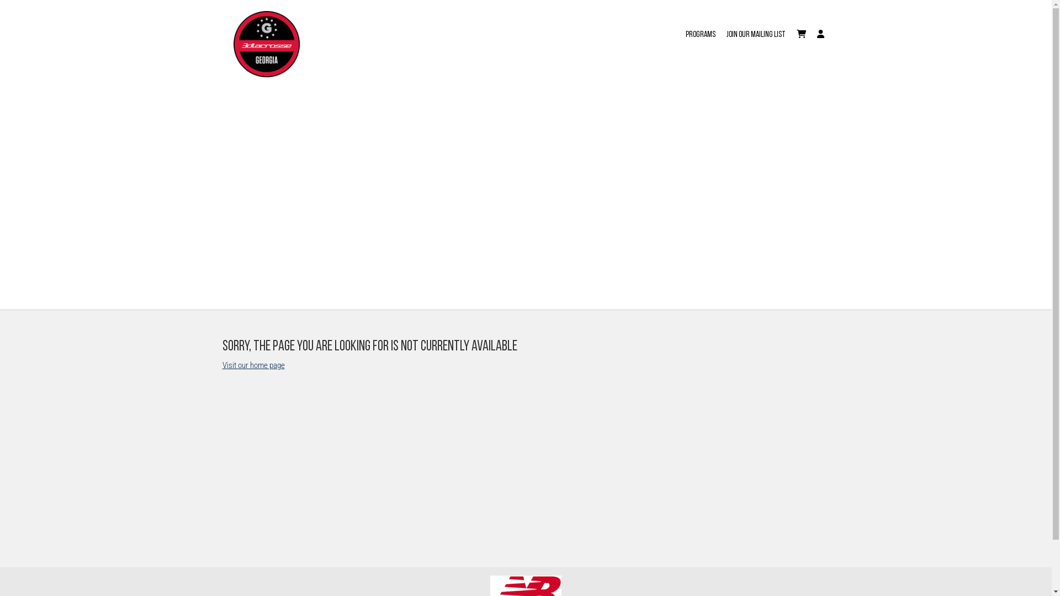 This screenshot has width=1060, height=596. What do you see at coordinates (699, 27) in the screenshot?
I see `'Programs'` at bounding box center [699, 27].